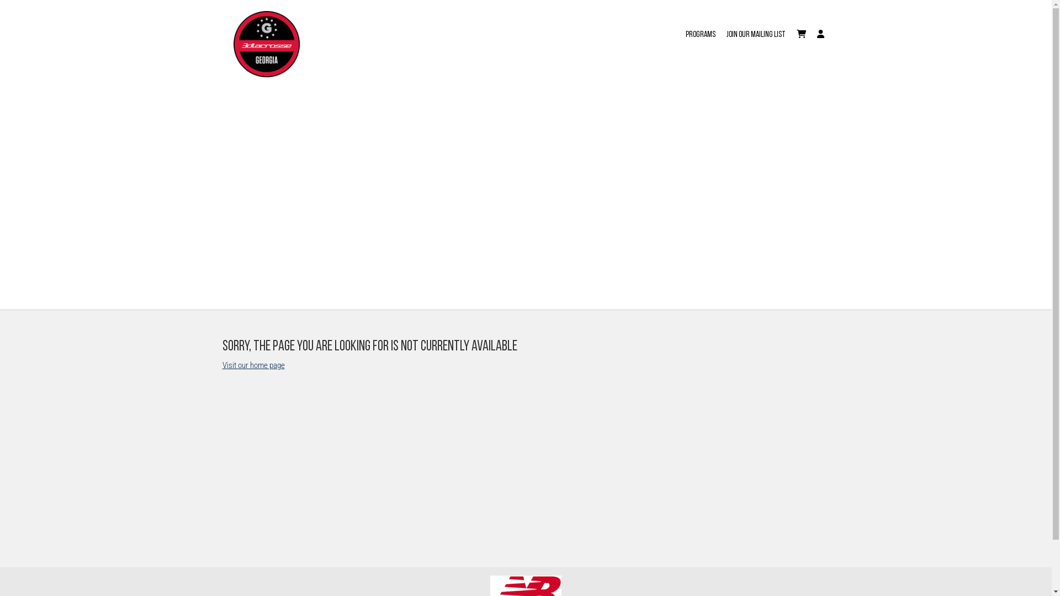 This screenshot has width=1060, height=596. What do you see at coordinates (699, 27) in the screenshot?
I see `'Programs'` at bounding box center [699, 27].